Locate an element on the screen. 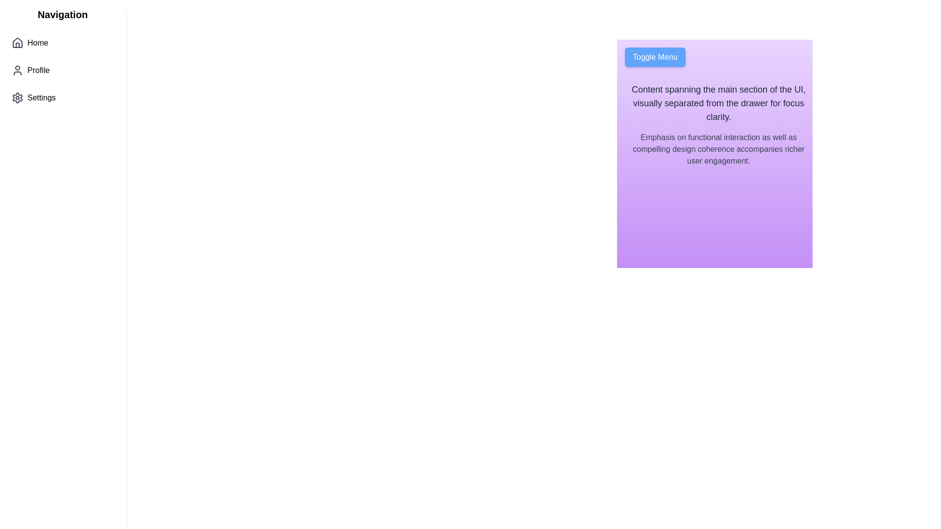  house-shaped icon in the left navigation menu, which is rendered in dark gray and is positioned to the left of the 'Home' label is located at coordinates (17, 43).